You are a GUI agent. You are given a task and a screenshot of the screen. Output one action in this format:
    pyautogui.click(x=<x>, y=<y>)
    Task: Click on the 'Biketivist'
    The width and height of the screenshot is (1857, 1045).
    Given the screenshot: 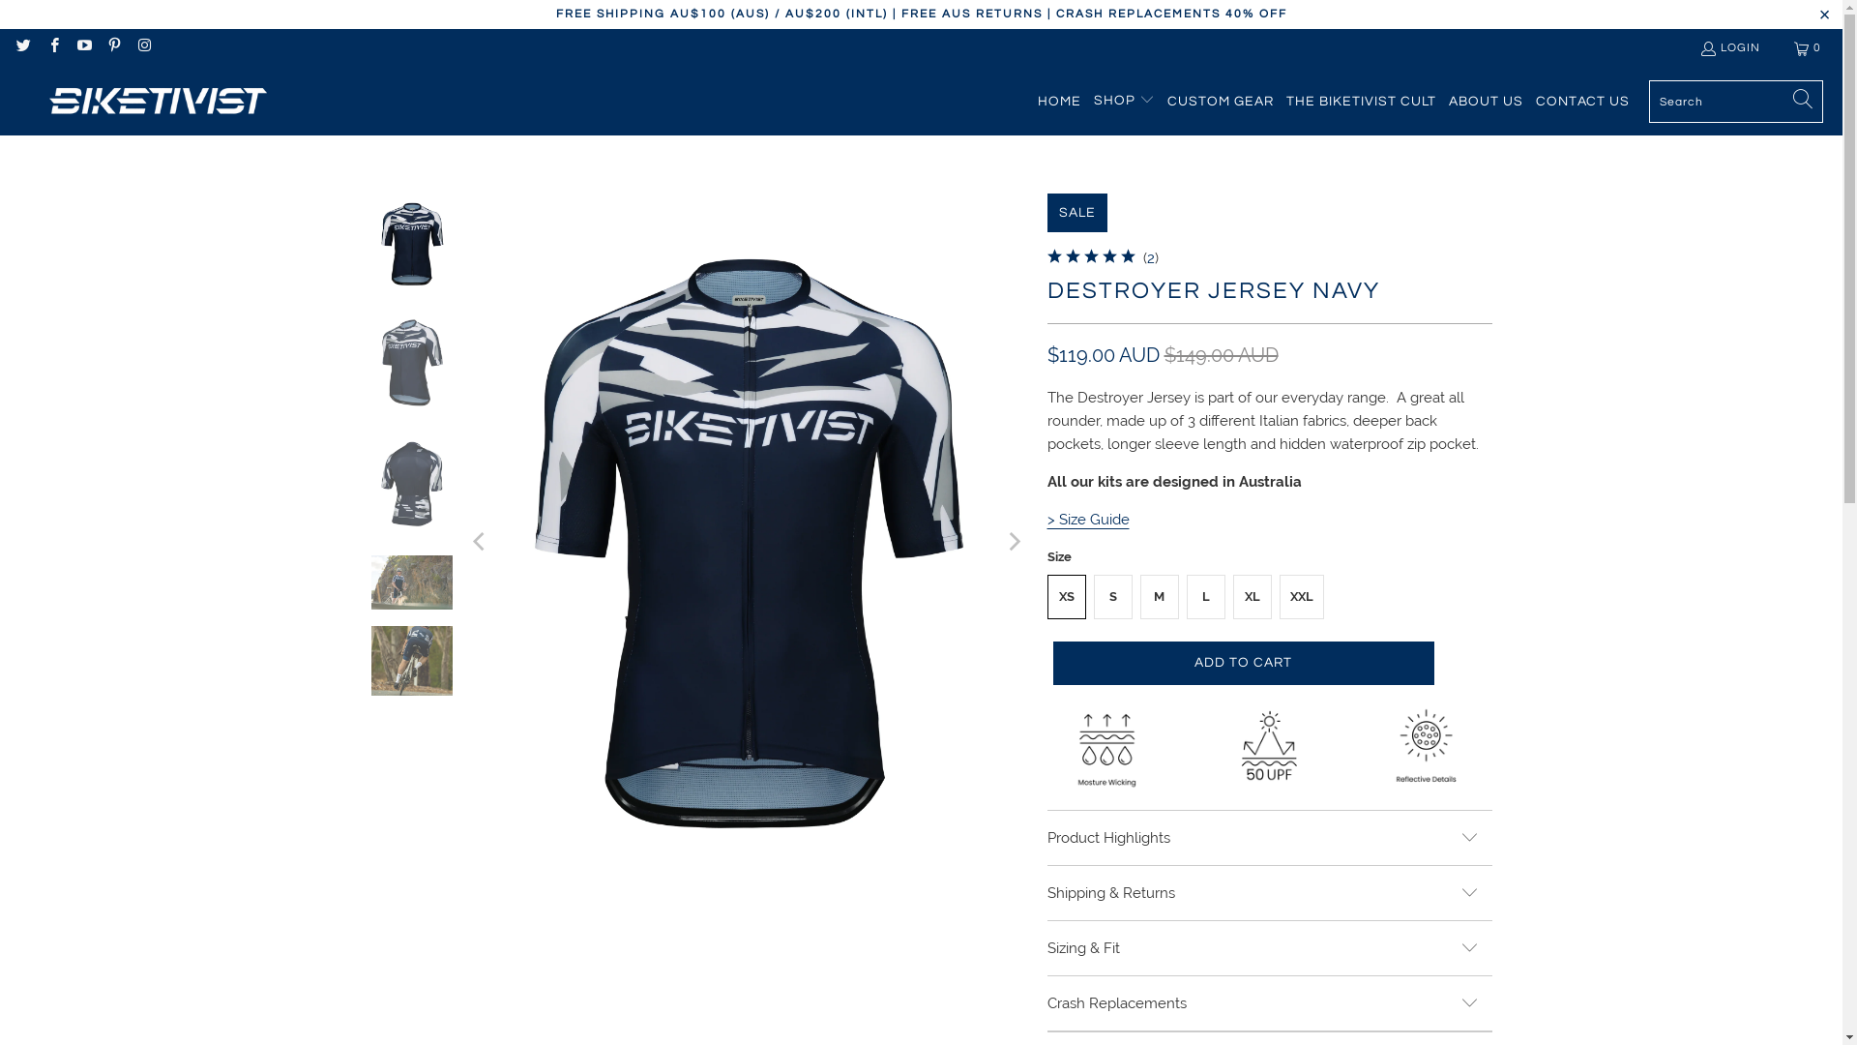 What is the action you would take?
    pyautogui.click(x=153, y=101)
    